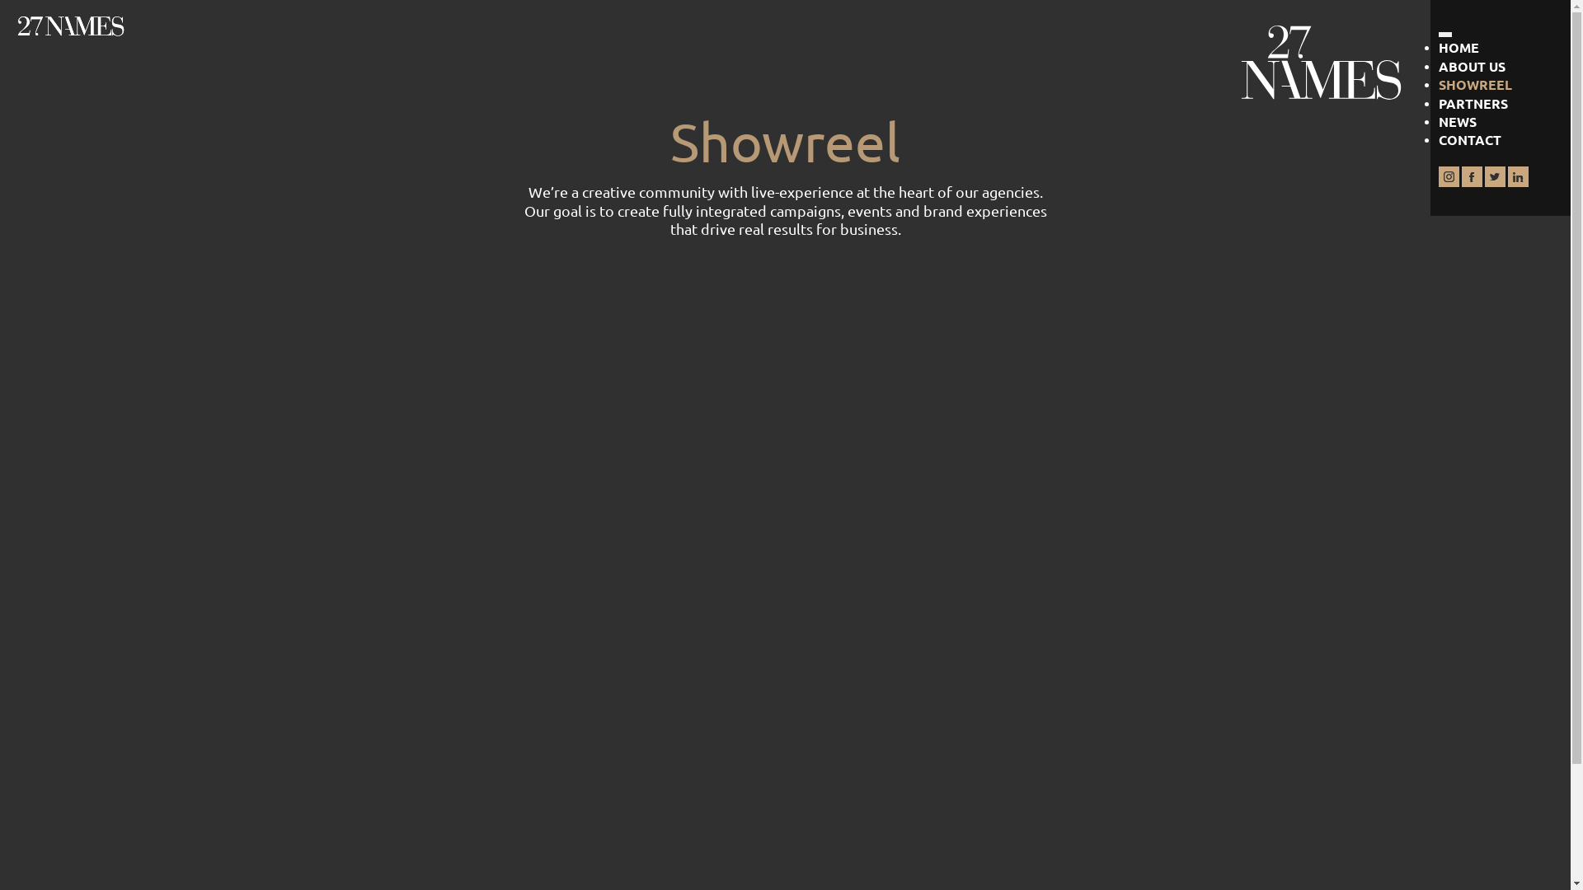  Describe the element at coordinates (1469, 138) in the screenshot. I see `'CONTACT'` at that location.